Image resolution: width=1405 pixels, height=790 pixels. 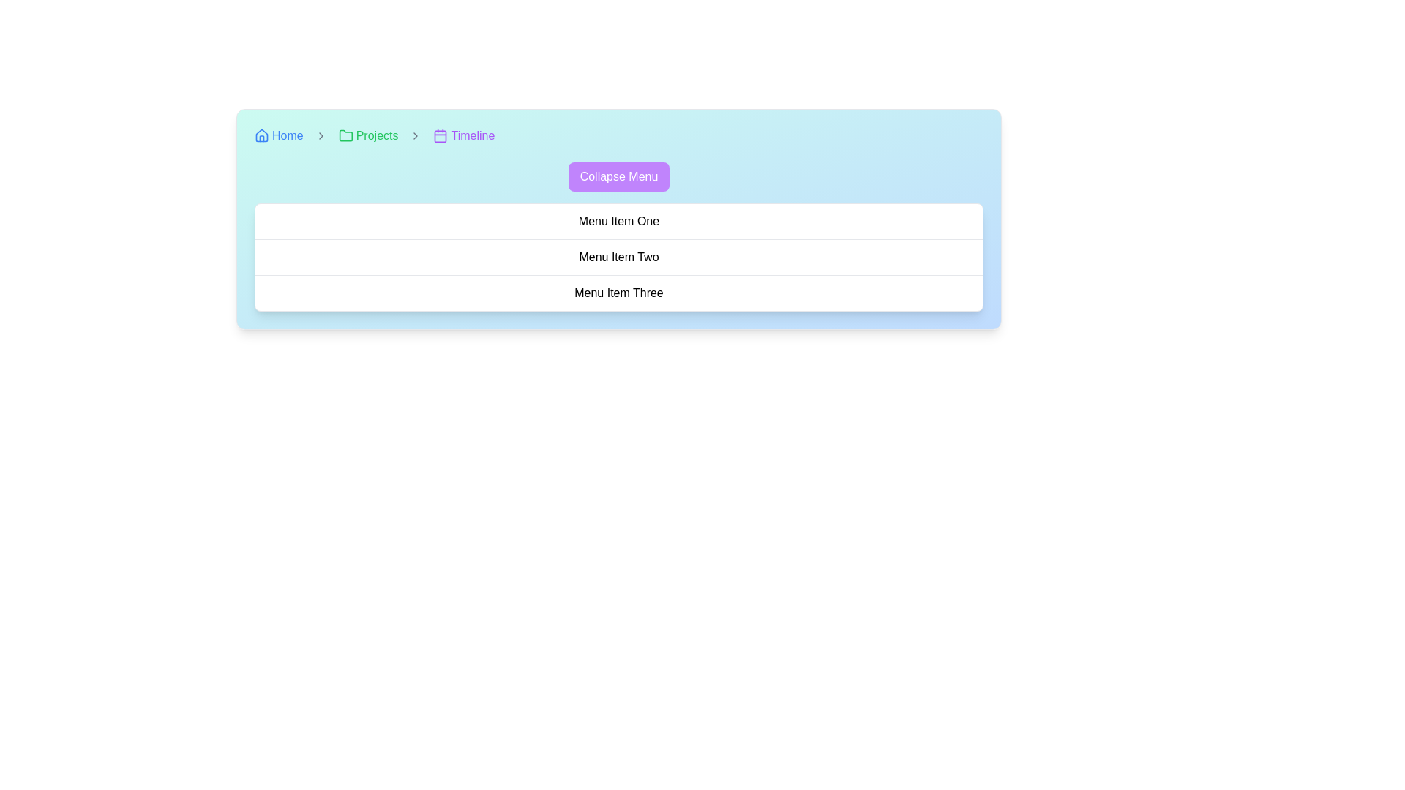 I want to click on the top-most menu item labeled 'Menu Item One' in a bold, dark font, so click(x=618, y=222).